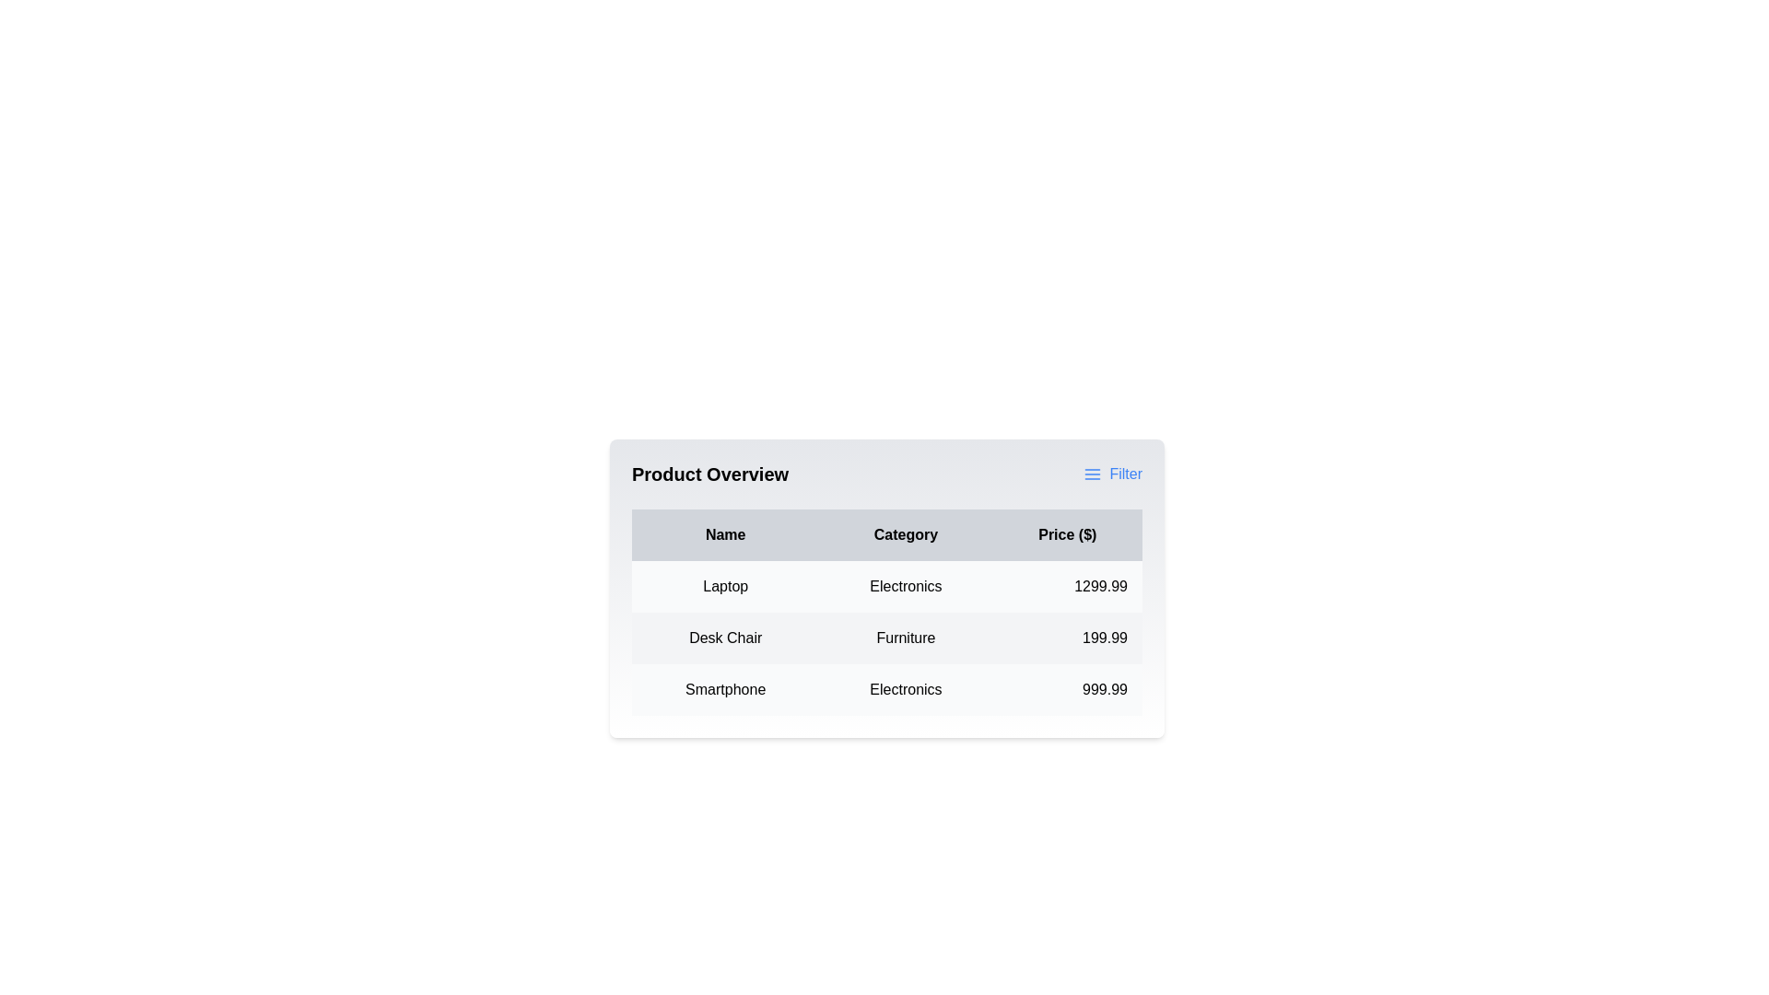 This screenshot has height=995, width=1769. Describe the element at coordinates (887, 535) in the screenshot. I see `table header row located at the top of the data table, which indicates the categories of the data: 'Name', 'Category', and 'Price ($)'` at that location.